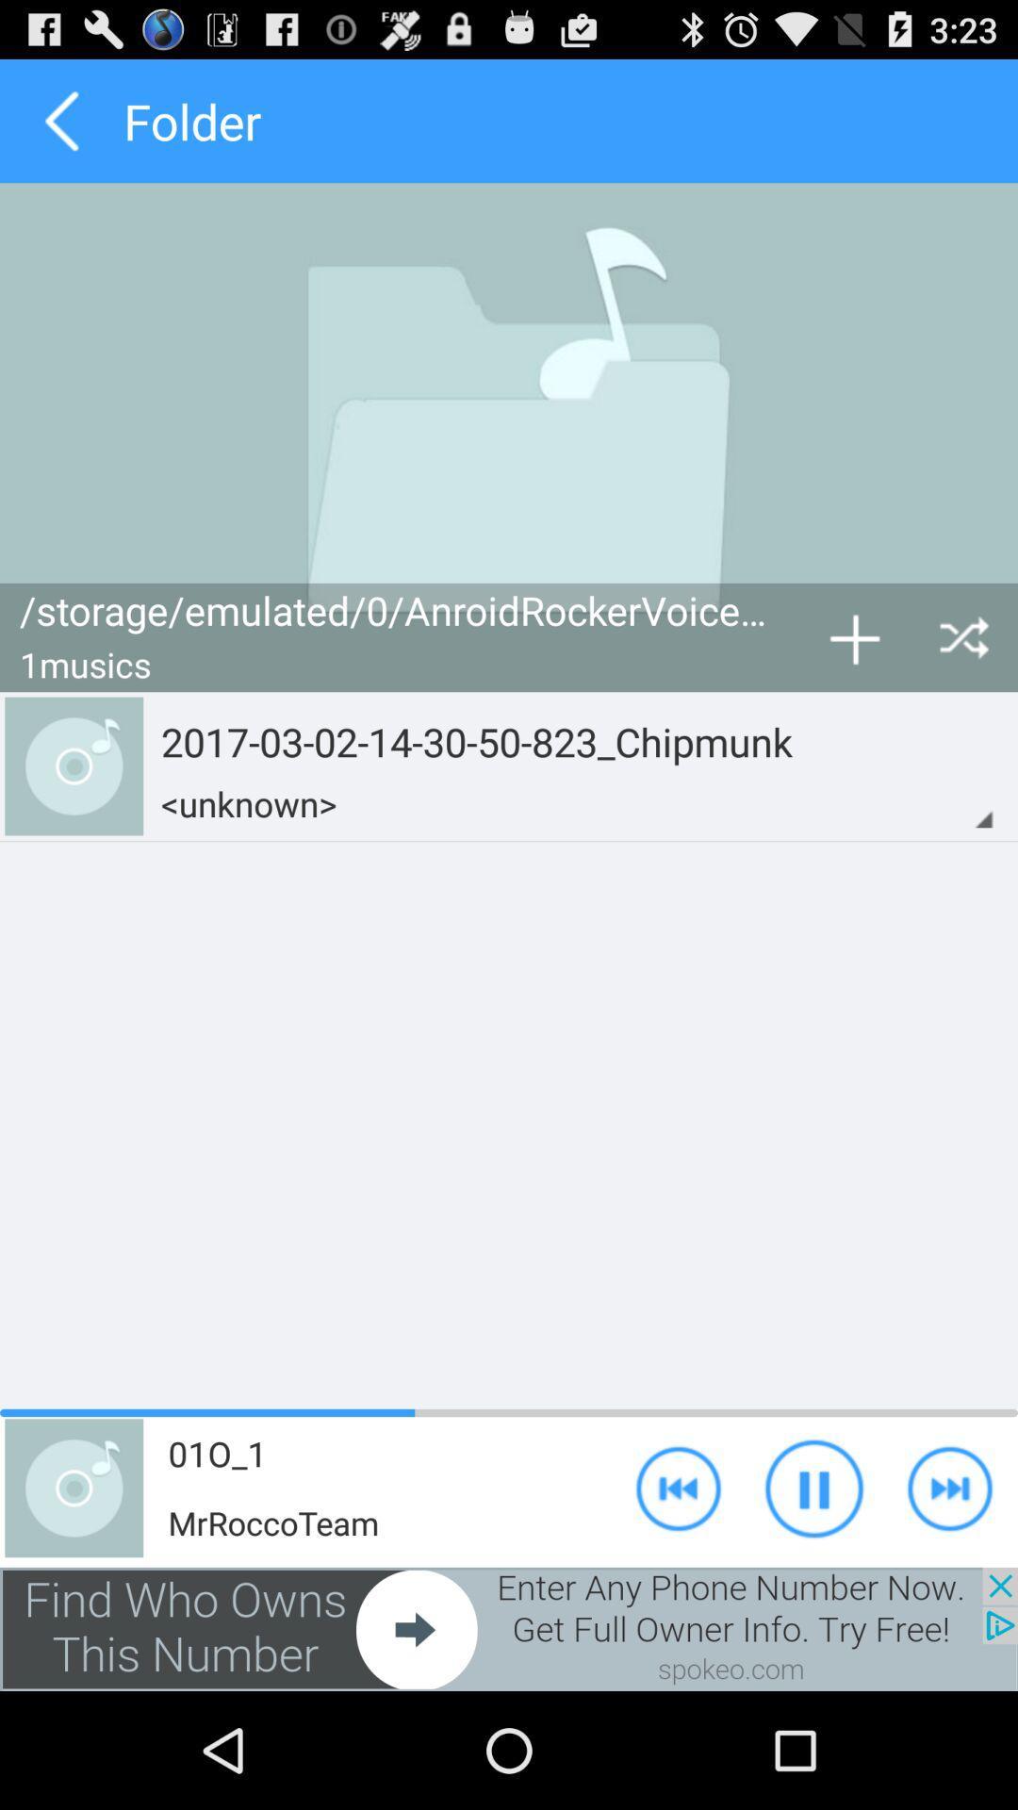 The image size is (1018, 1810). Describe the element at coordinates (963, 637) in the screenshot. I see `shuffle button` at that location.